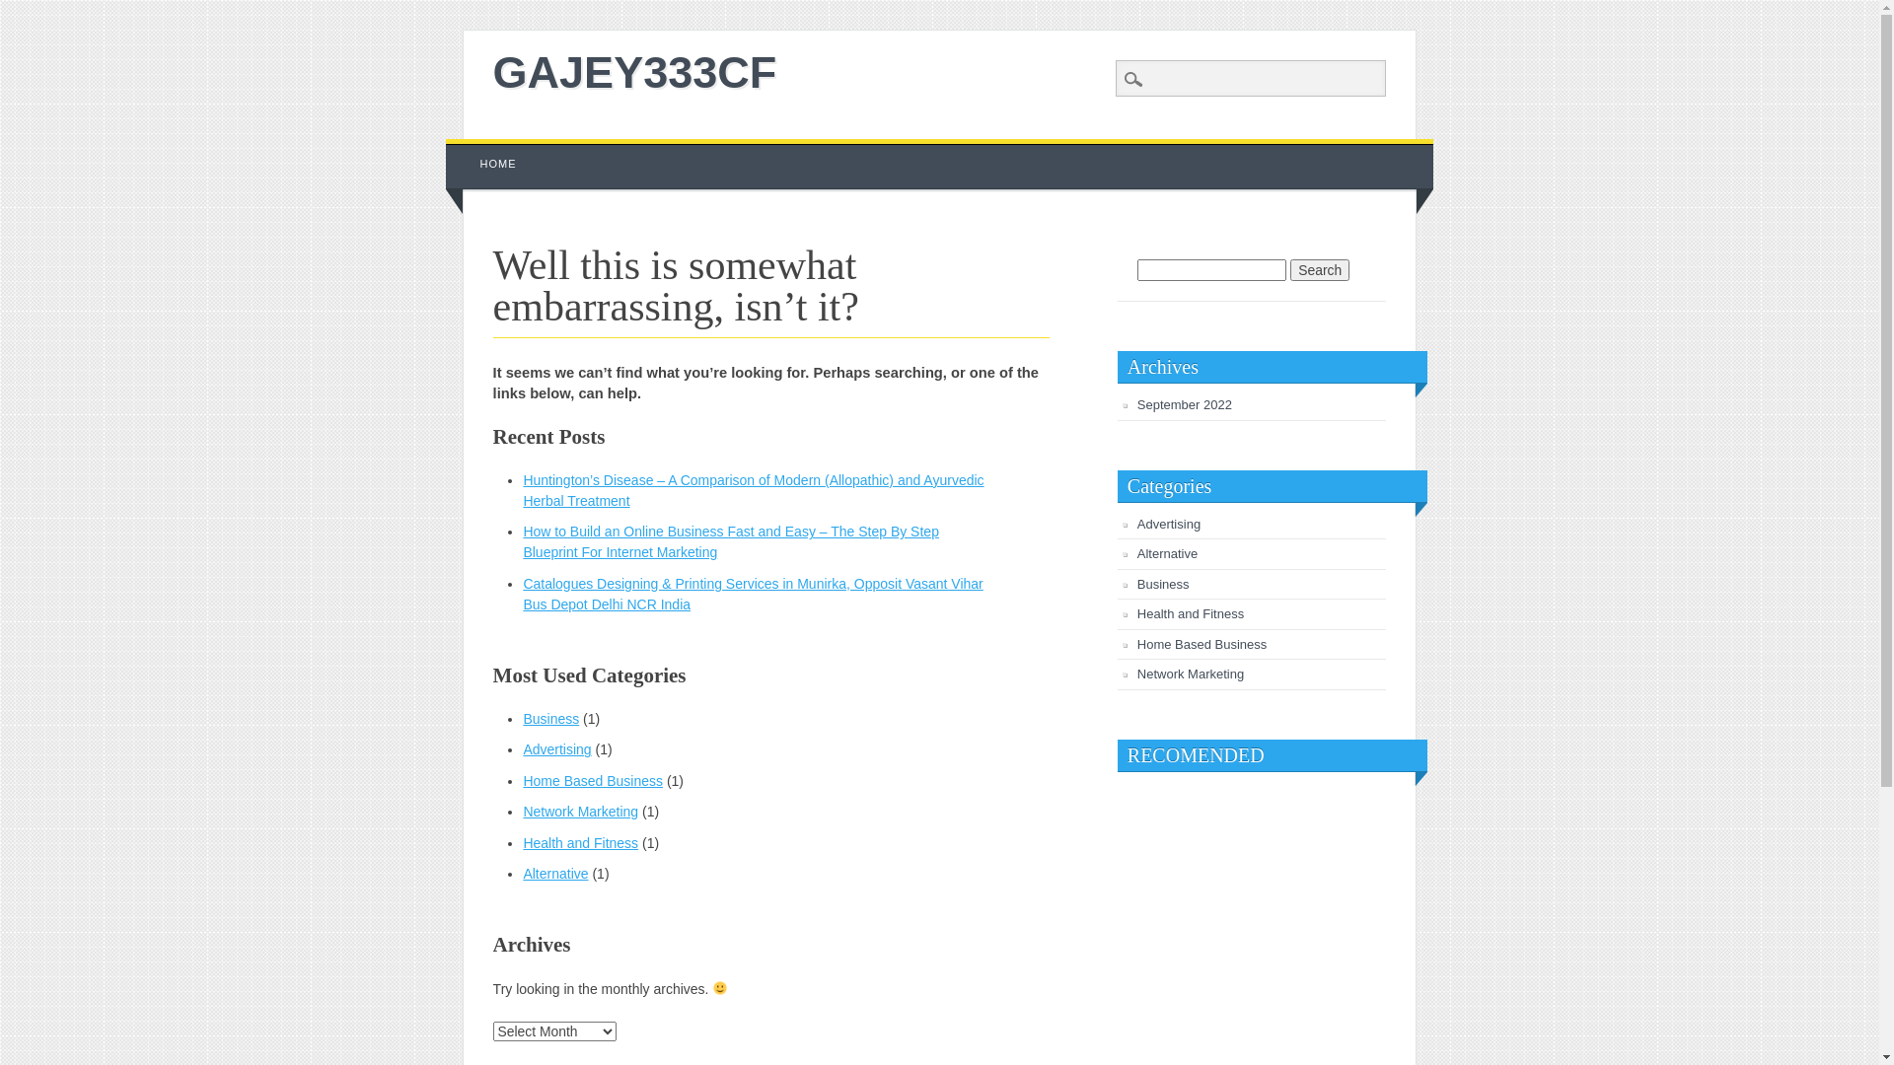 The image size is (1894, 1065). Describe the element at coordinates (29, 11) in the screenshot. I see `'Search'` at that location.